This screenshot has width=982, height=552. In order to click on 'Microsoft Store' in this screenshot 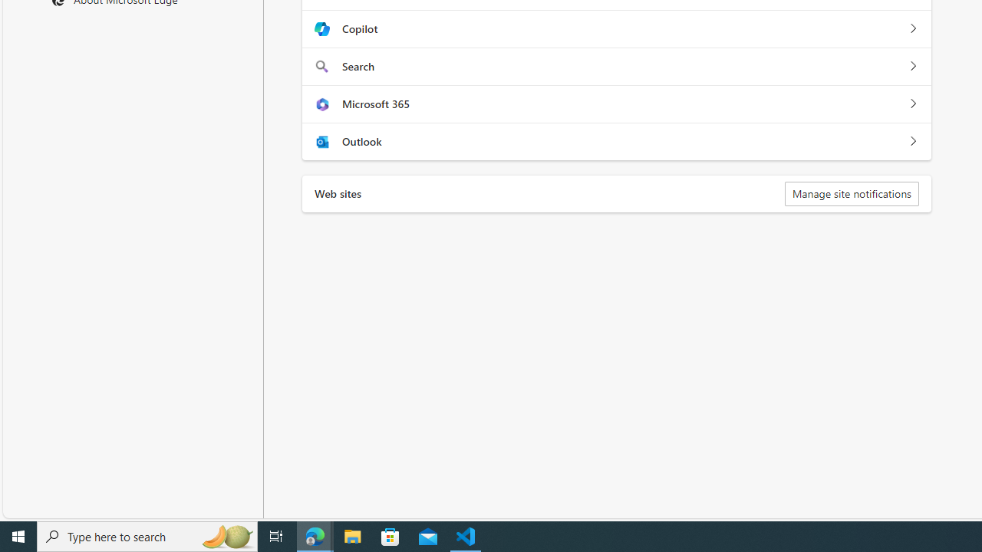, I will do `click(390, 535)`.